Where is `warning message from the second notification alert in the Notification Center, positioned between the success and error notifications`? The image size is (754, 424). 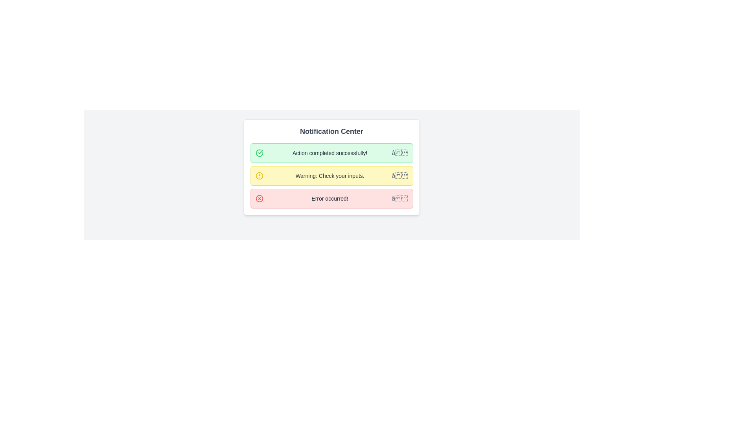 warning message from the second notification alert in the Notification Center, positioned between the success and error notifications is located at coordinates (331, 175).